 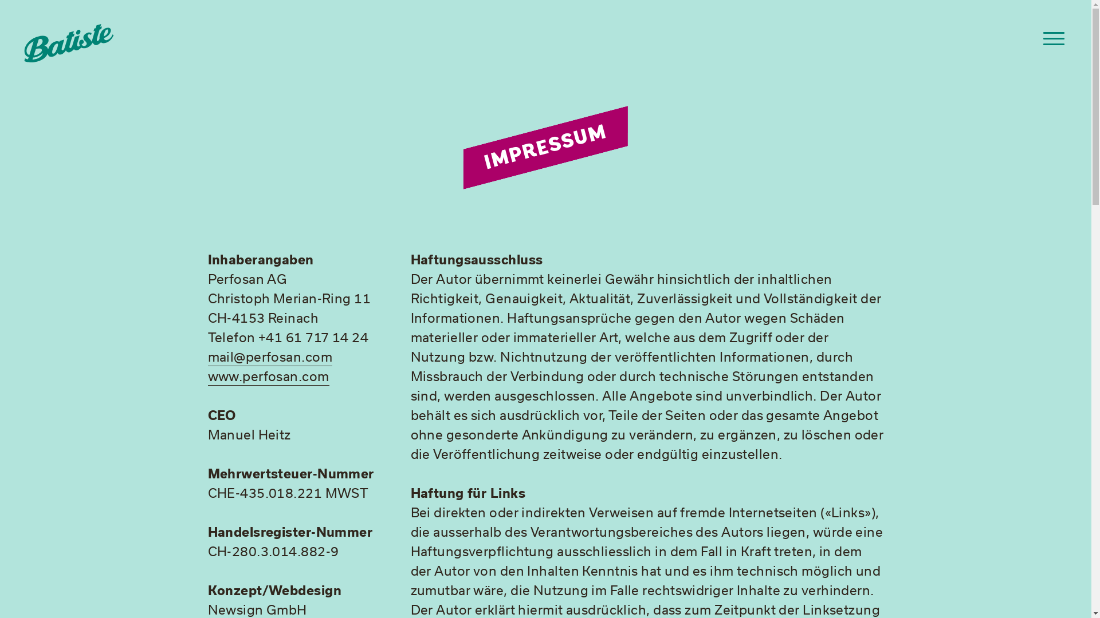 What do you see at coordinates (267, 376) in the screenshot?
I see `'www.perfosan.com'` at bounding box center [267, 376].